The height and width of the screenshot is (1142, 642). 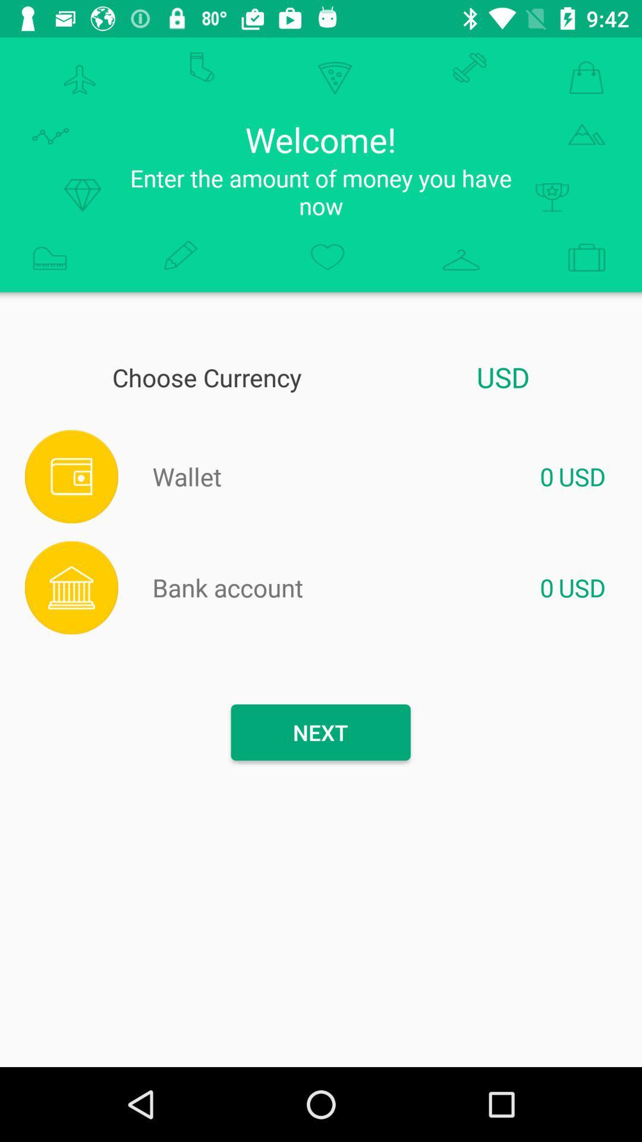 What do you see at coordinates (320, 732) in the screenshot?
I see `the next` at bounding box center [320, 732].